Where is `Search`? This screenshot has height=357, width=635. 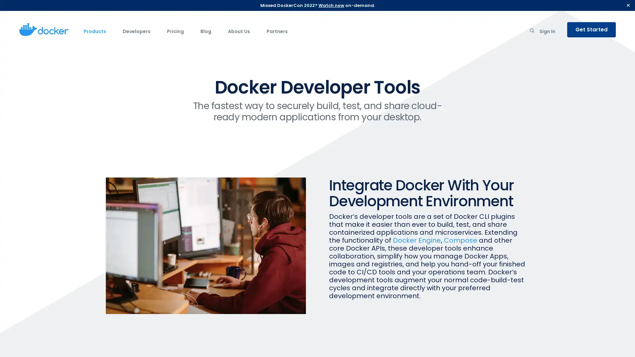 Search is located at coordinates (532, 32).